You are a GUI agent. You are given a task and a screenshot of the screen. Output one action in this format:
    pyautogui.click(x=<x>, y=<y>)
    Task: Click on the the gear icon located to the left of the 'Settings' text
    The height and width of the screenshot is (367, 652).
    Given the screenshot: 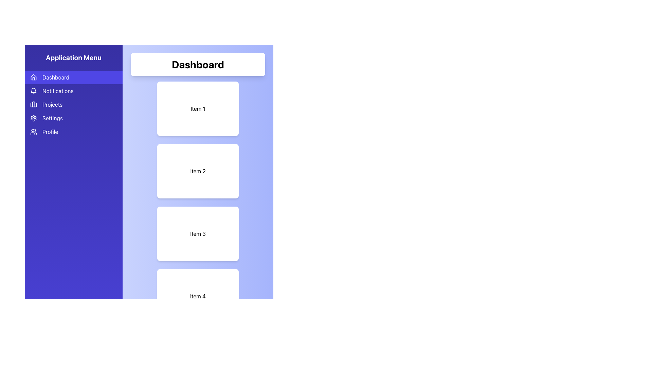 What is the action you would take?
    pyautogui.click(x=33, y=118)
    